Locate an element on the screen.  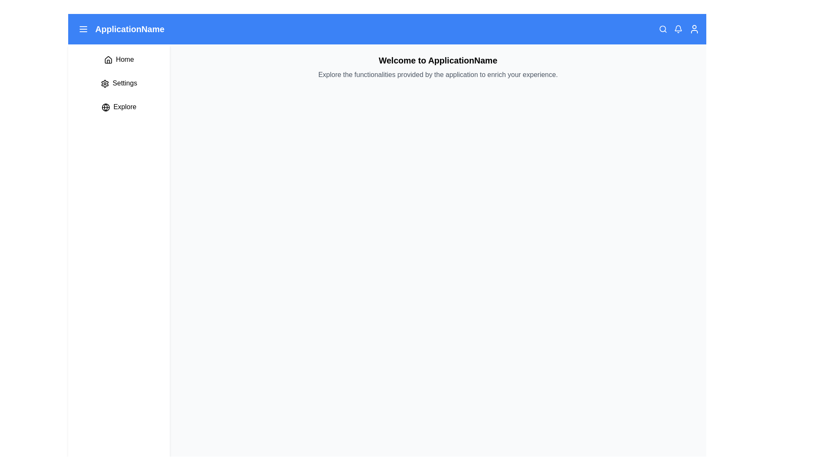
the second menu item in the vertical navigation menu is located at coordinates (119, 83).